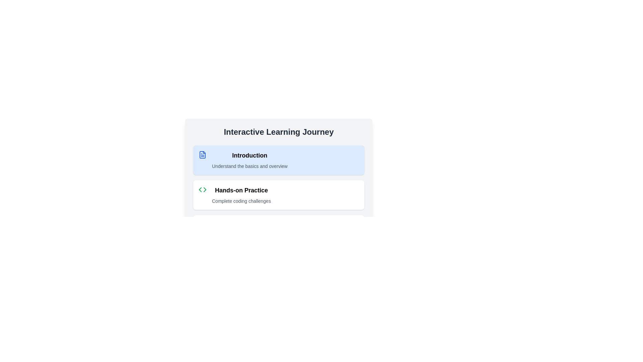 The width and height of the screenshot is (643, 362). What do you see at coordinates (202, 155) in the screenshot?
I see `the document icon associated with the 'Introduction' list item` at bounding box center [202, 155].